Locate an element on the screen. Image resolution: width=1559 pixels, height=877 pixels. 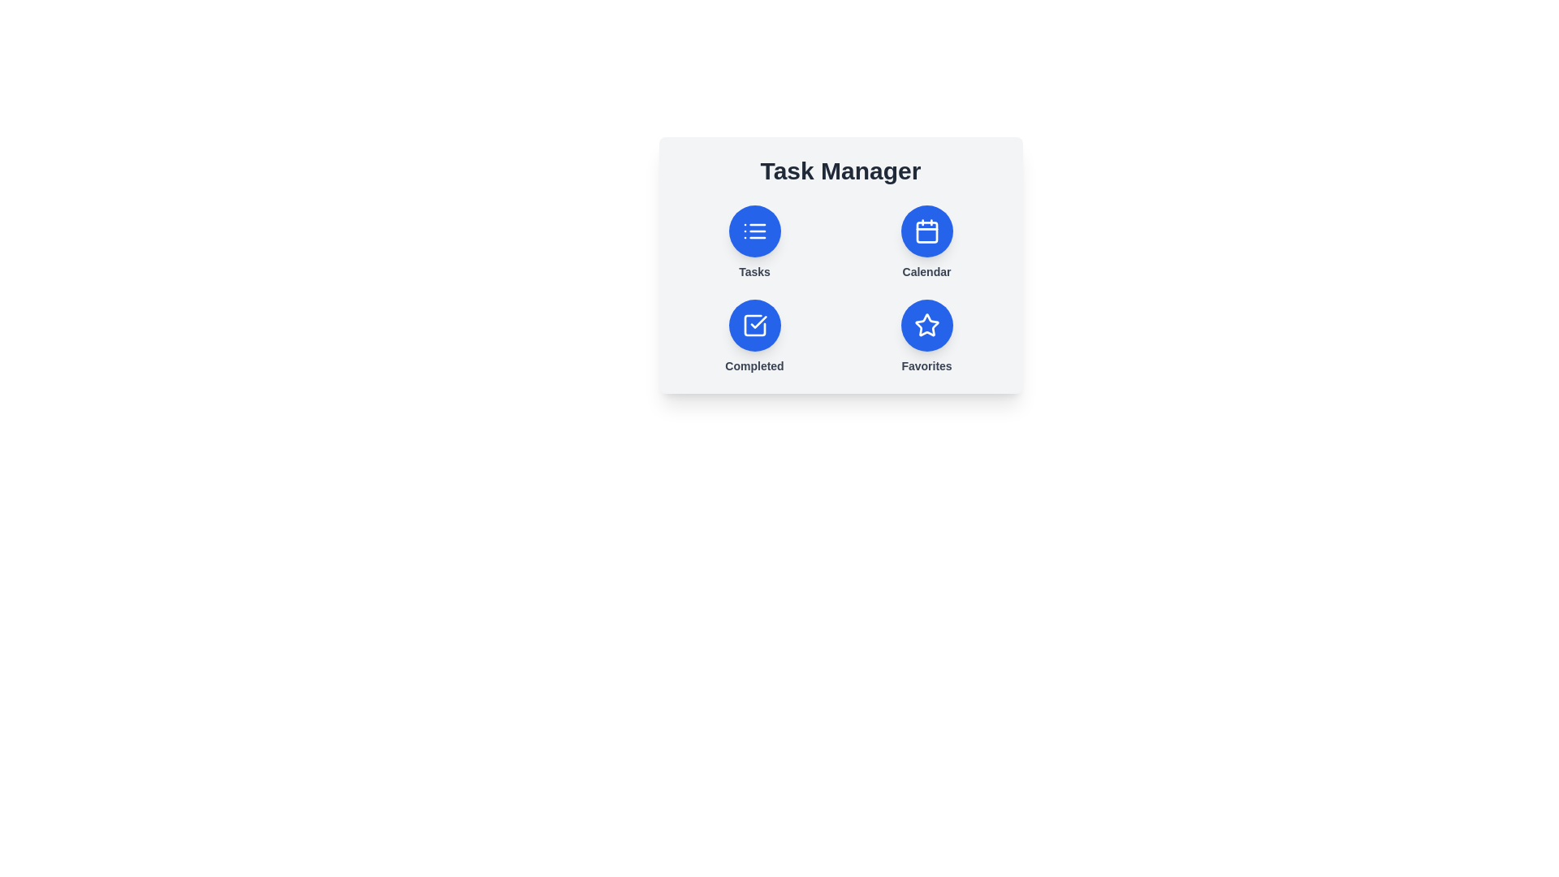
the 'Calendar' text label element, which is styled in bold gray font and positioned below the blue circular button with a calendar icon in a grid layout is located at coordinates (926, 271).